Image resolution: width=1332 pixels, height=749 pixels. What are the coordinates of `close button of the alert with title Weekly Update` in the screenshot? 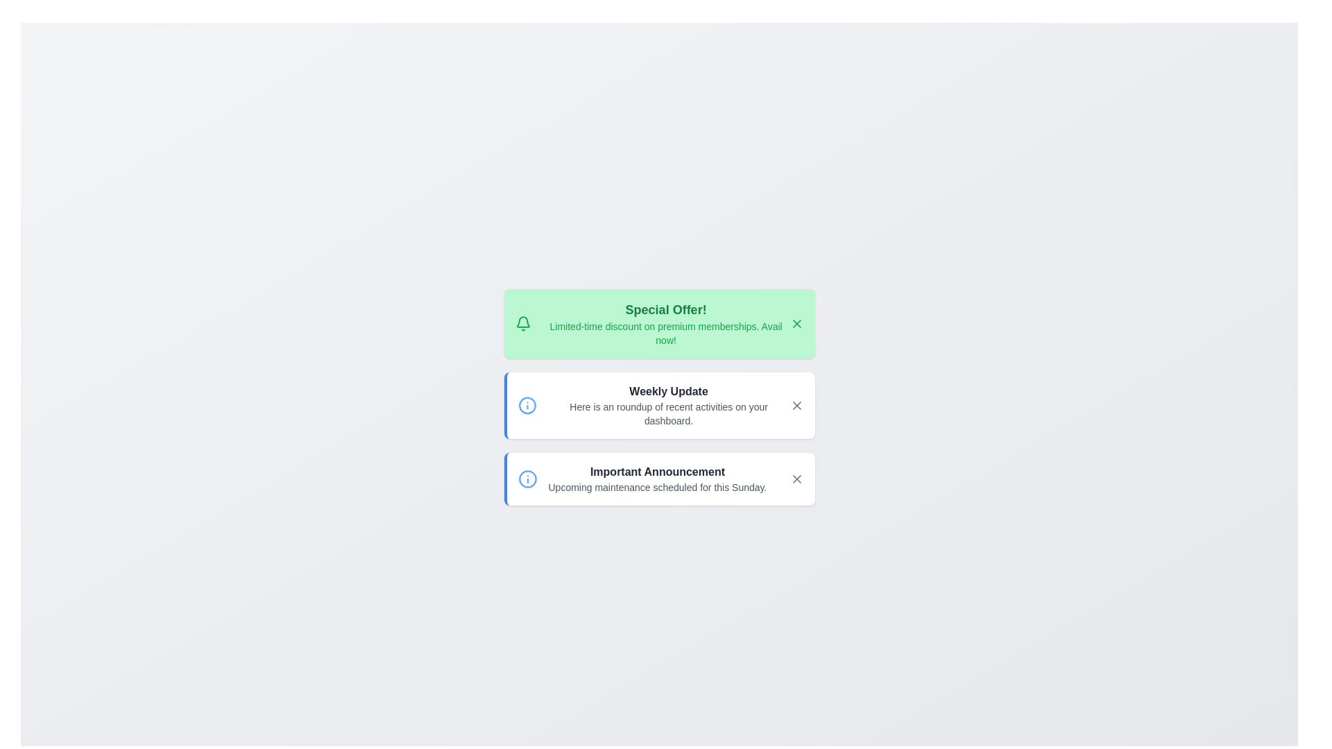 It's located at (796, 406).